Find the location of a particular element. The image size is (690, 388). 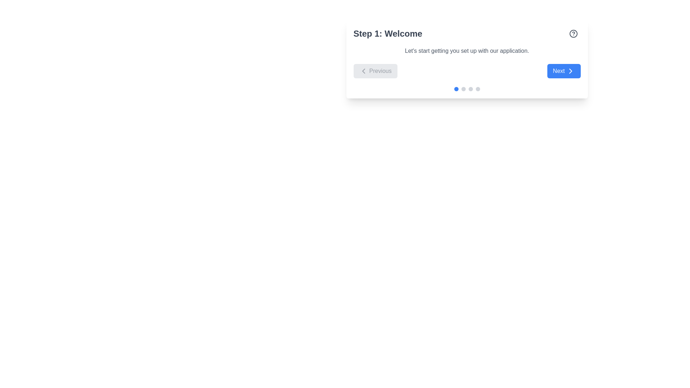

the 'Previous' button in the navigation control group is located at coordinates (467, 71).